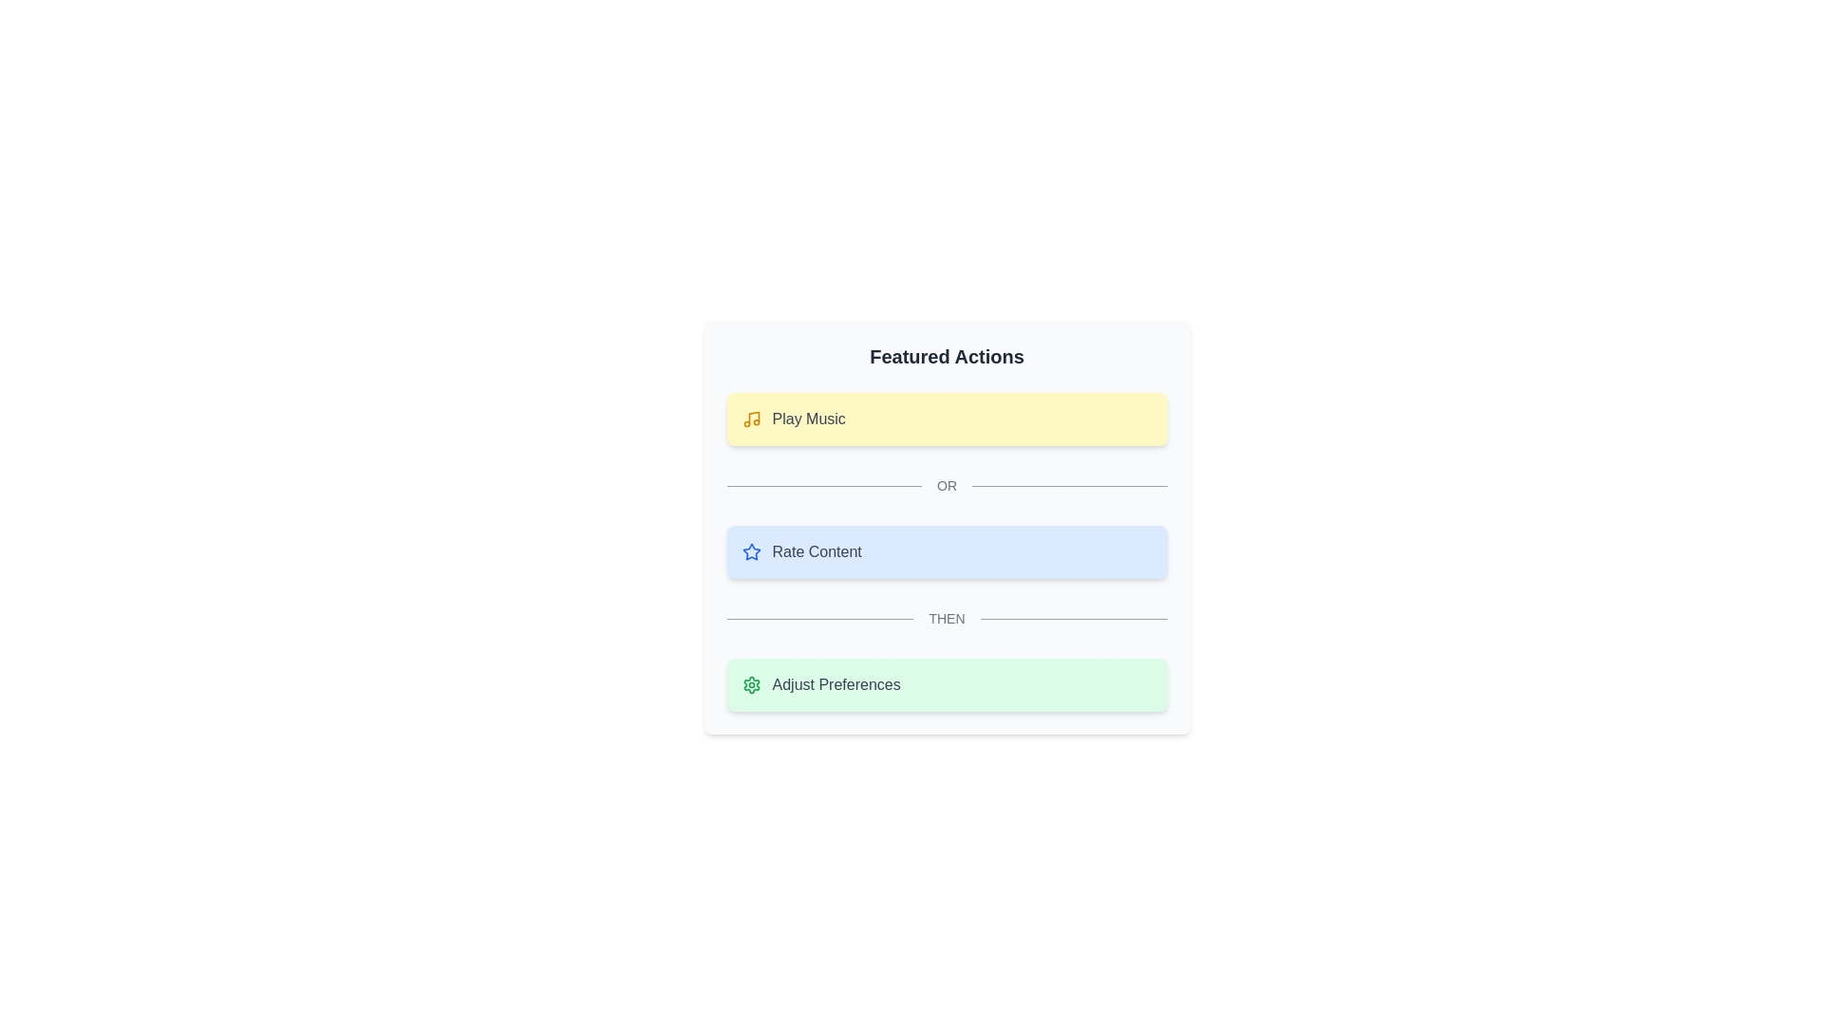  What do you see at coordinates (947, 684) in the screenshot?
I see `the 'Adjust Preferences' button, which is a horizontally aligned rectangular button with rounded corners and a light green background, located below the 'THEN' separator` at bounding box center [947, 684].